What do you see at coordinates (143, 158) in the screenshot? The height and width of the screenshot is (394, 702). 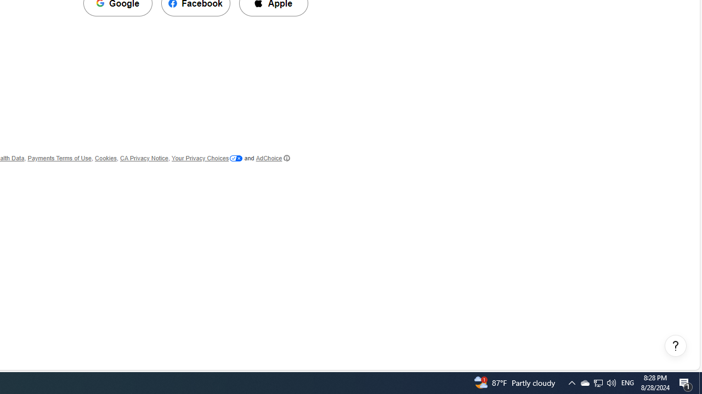 I see `'CA Privacy Notice'` at bounding box center [143, 158].